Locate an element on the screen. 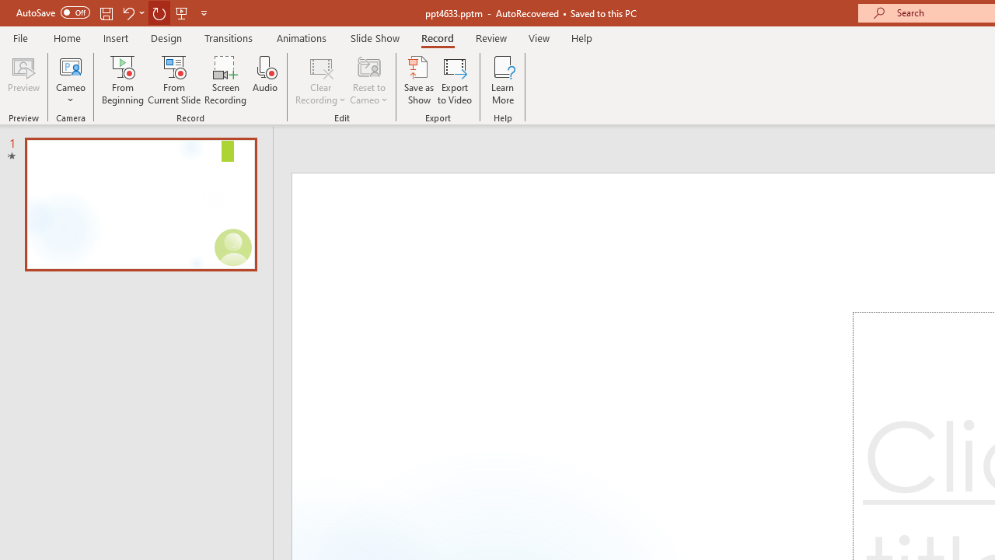 The width and height of the screenshot is (995, 560). 'Cameo' is located at coordinates (70, 80).